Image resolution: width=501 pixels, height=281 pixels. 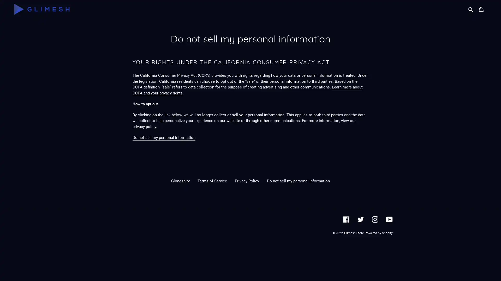 What do you see at coordinates (471, 9) in the screenshot?
I see `Search` at bounding box center [471, 9].